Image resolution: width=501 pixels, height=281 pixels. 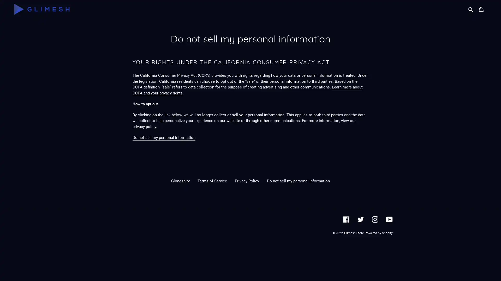 What do you see at coordinates (471, 9) in the screenshot?
I see `Search` at bounding box center [471, 9].